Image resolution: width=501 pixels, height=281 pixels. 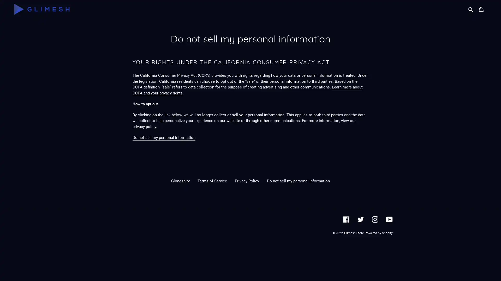 What do you see at coordinates (471, 9) in the screenshot?
I see `Search` at bounding box center [471, 9].